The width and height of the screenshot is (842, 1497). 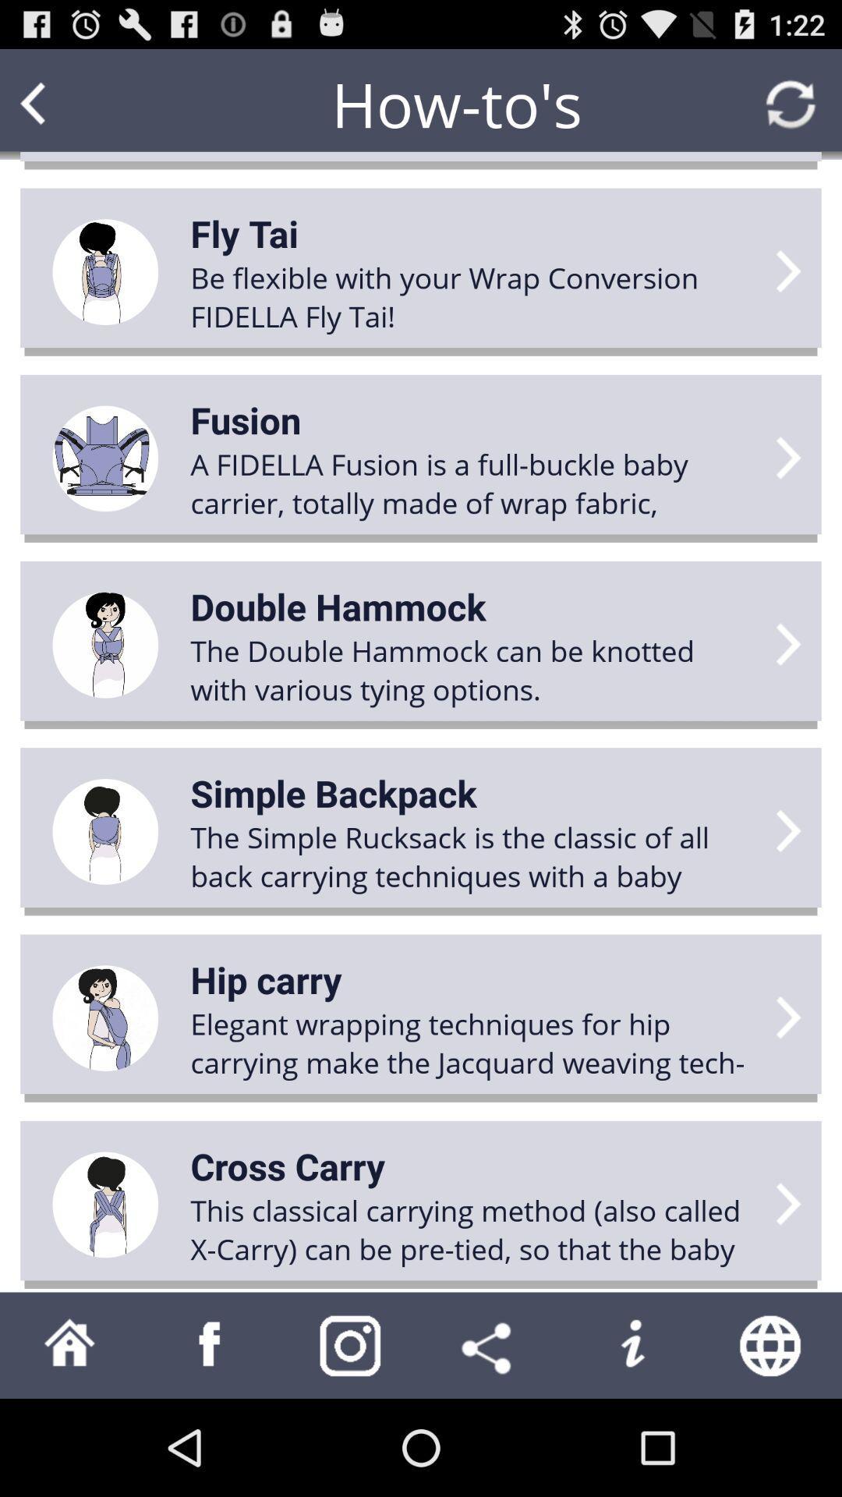 What do you see at coordinates (288, 1166) in the screenshot?
I see `icon above this classical carrying app` at bounding box center [288, 1166].